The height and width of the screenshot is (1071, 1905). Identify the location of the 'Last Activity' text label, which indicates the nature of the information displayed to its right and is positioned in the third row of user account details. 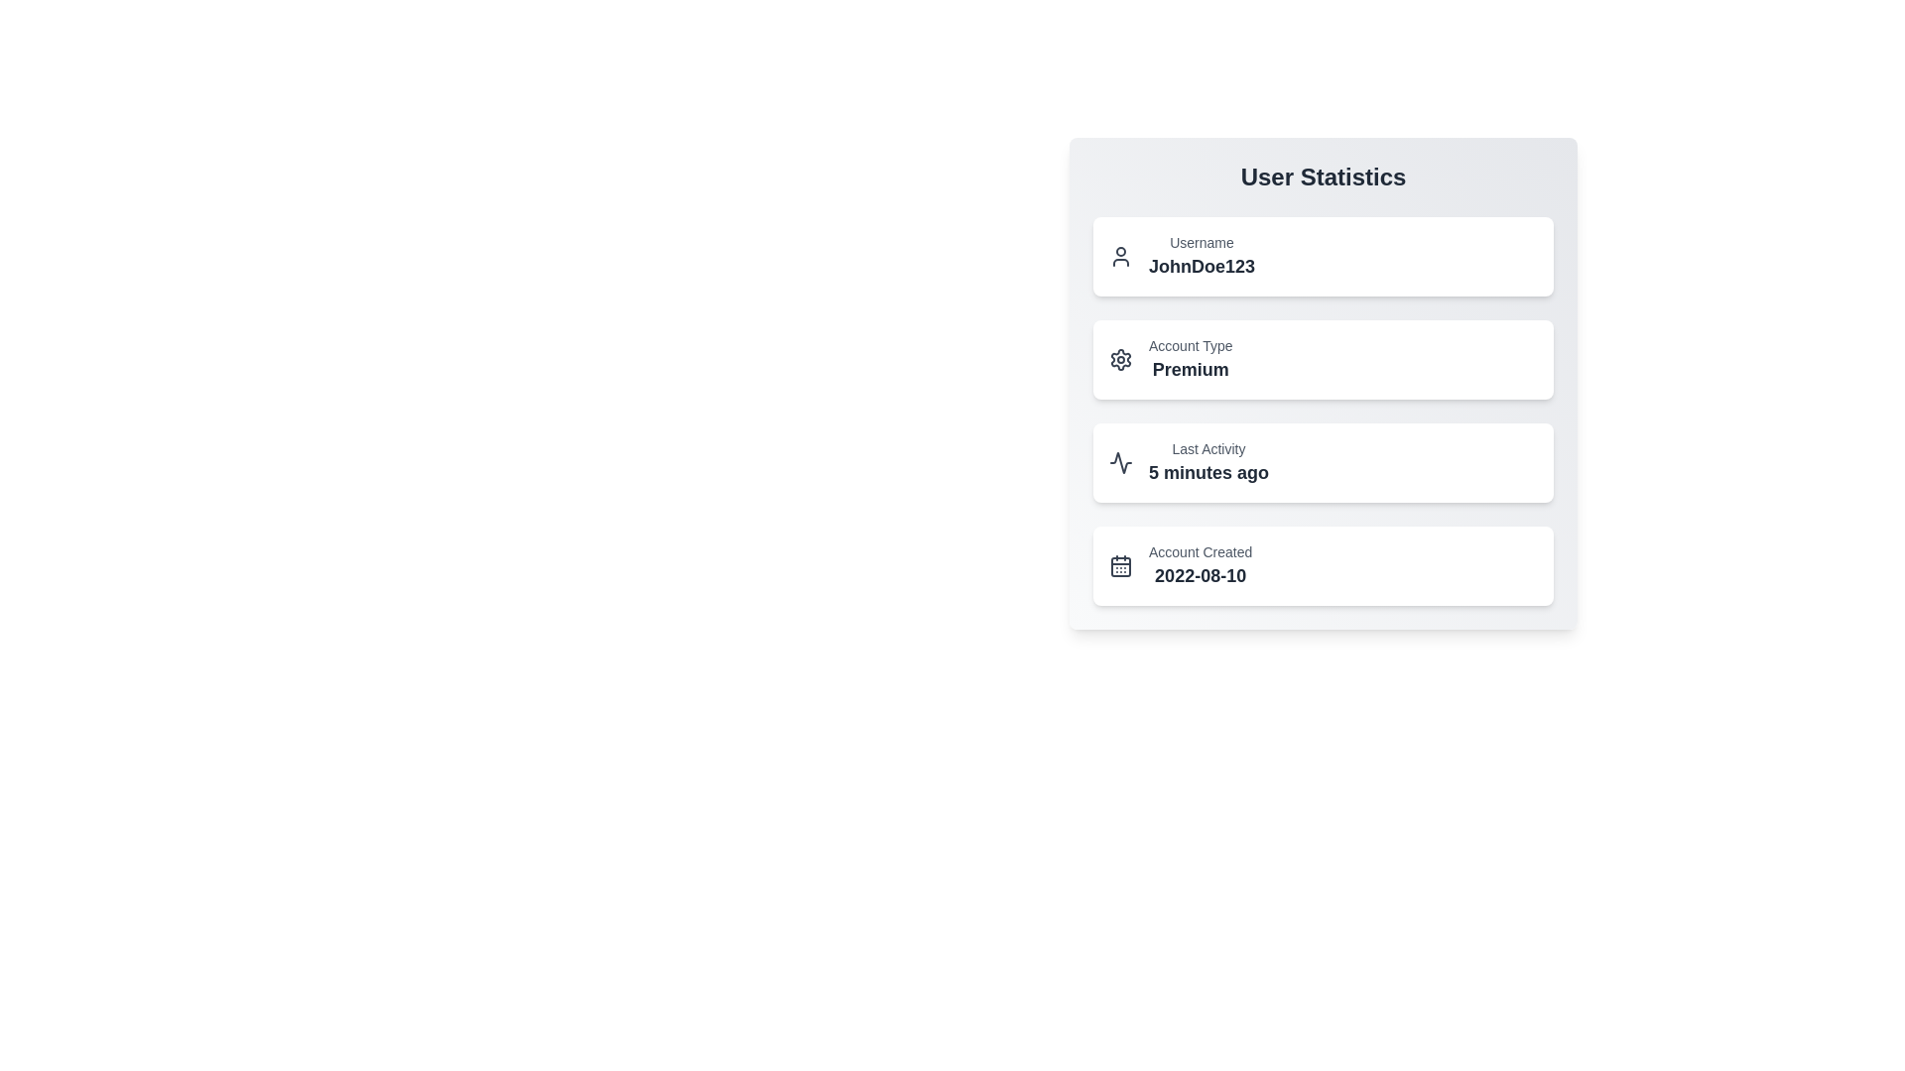
(1207, 448).